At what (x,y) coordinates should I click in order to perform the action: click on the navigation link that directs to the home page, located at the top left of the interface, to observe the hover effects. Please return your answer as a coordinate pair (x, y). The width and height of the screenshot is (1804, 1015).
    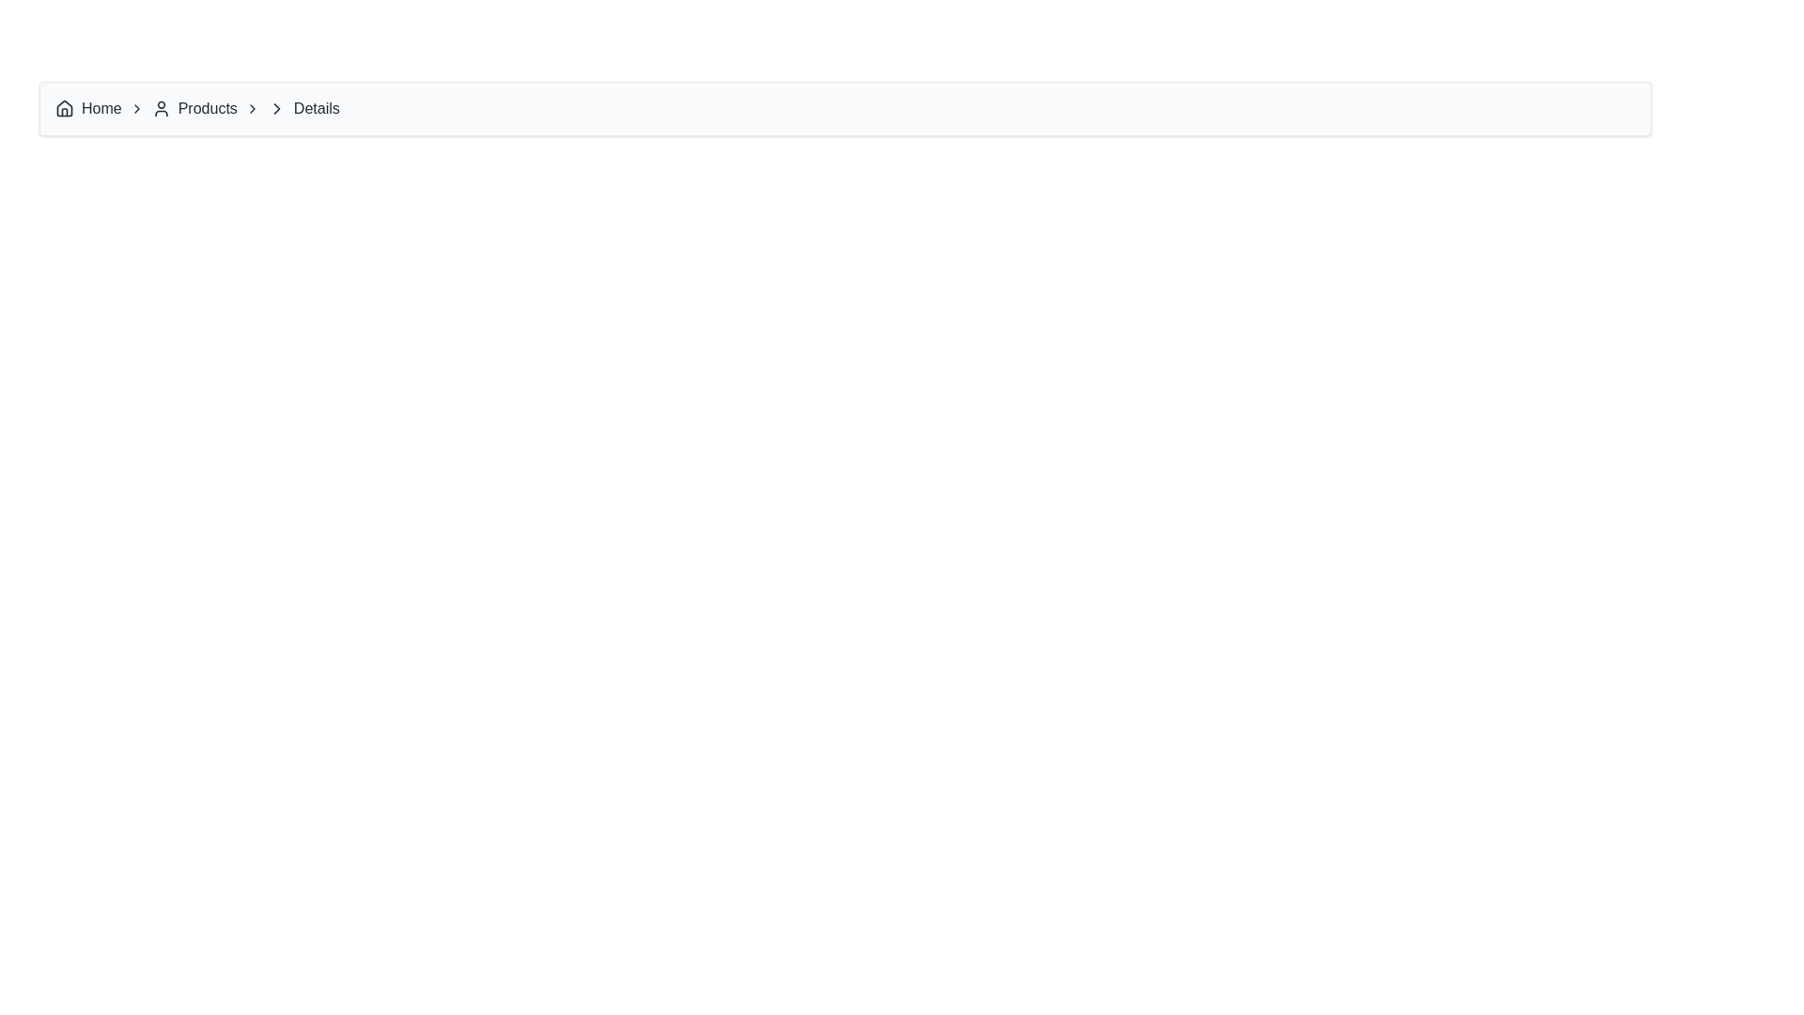
    Looking at the image, I should click on (87, 108).